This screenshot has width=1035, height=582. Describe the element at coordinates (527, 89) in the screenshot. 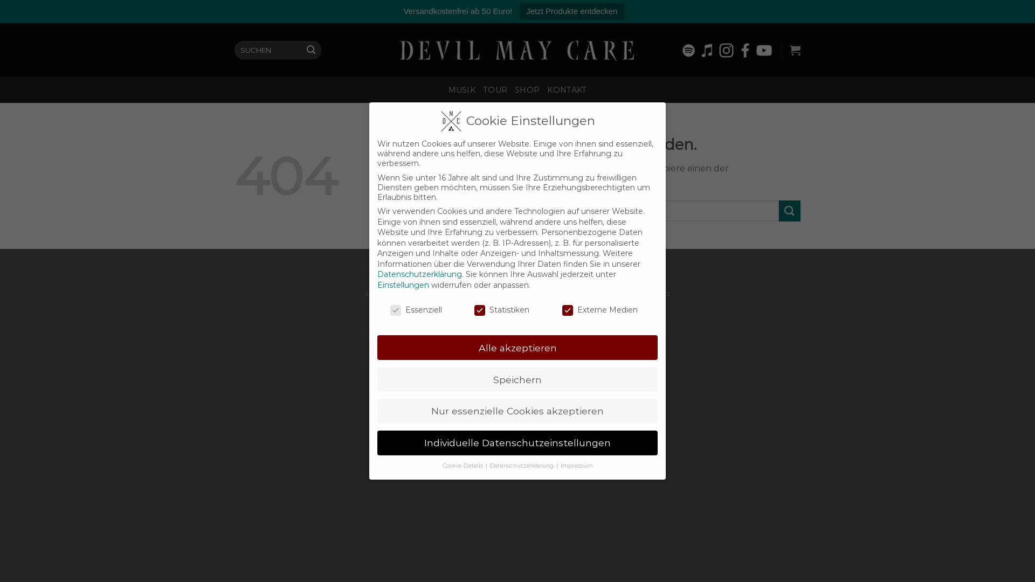

I see `'SHOP'` at that location.